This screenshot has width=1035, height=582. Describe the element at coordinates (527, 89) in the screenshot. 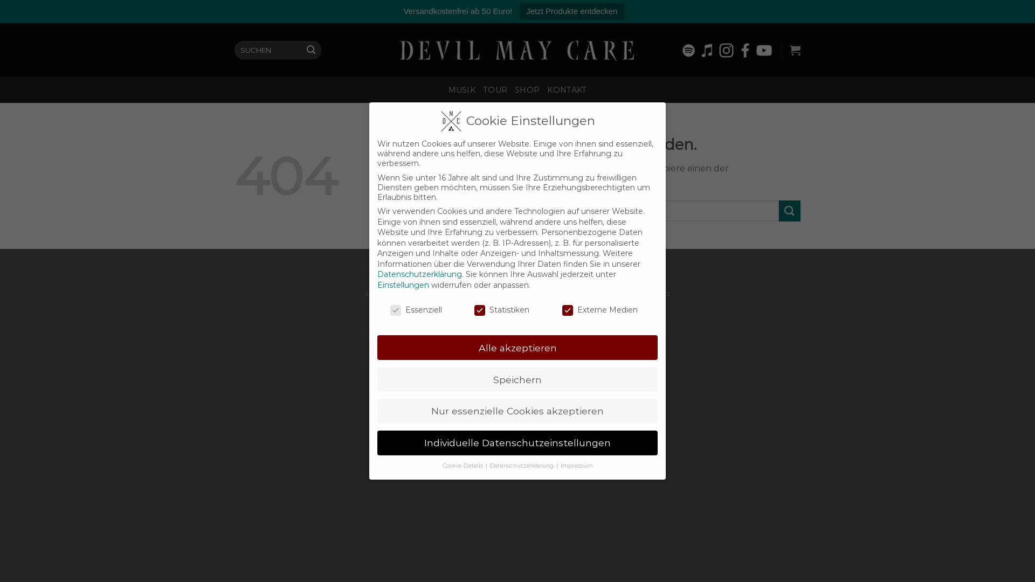

I see `'SHOP'` at that location.